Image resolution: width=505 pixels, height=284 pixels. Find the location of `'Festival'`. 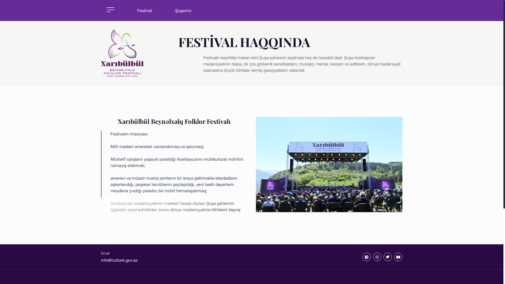

'Festival' is located at coordinates (131, 10).